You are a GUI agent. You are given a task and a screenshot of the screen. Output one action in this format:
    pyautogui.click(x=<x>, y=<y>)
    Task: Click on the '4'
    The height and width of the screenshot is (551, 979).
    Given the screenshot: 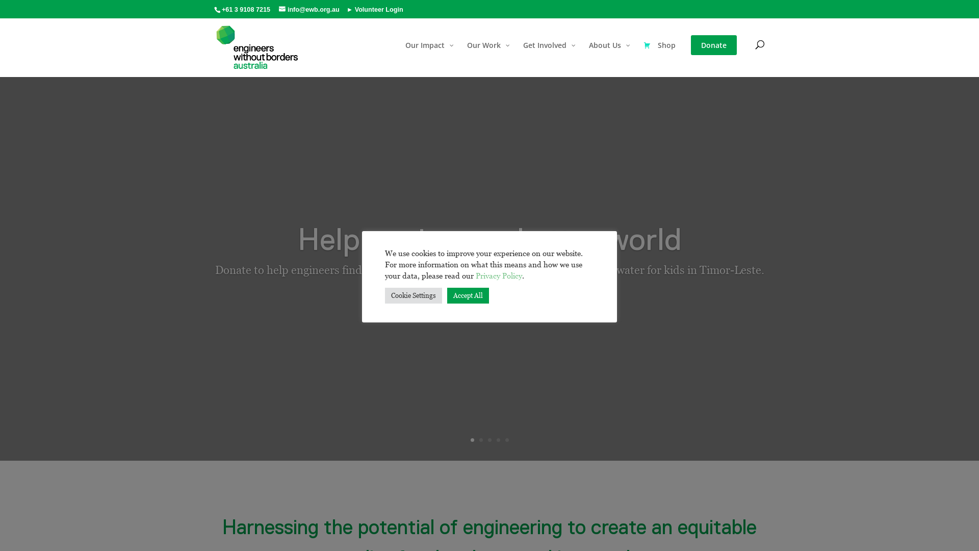 What is the action you would take?
    pyautogui.click(x=497, y=439)
    